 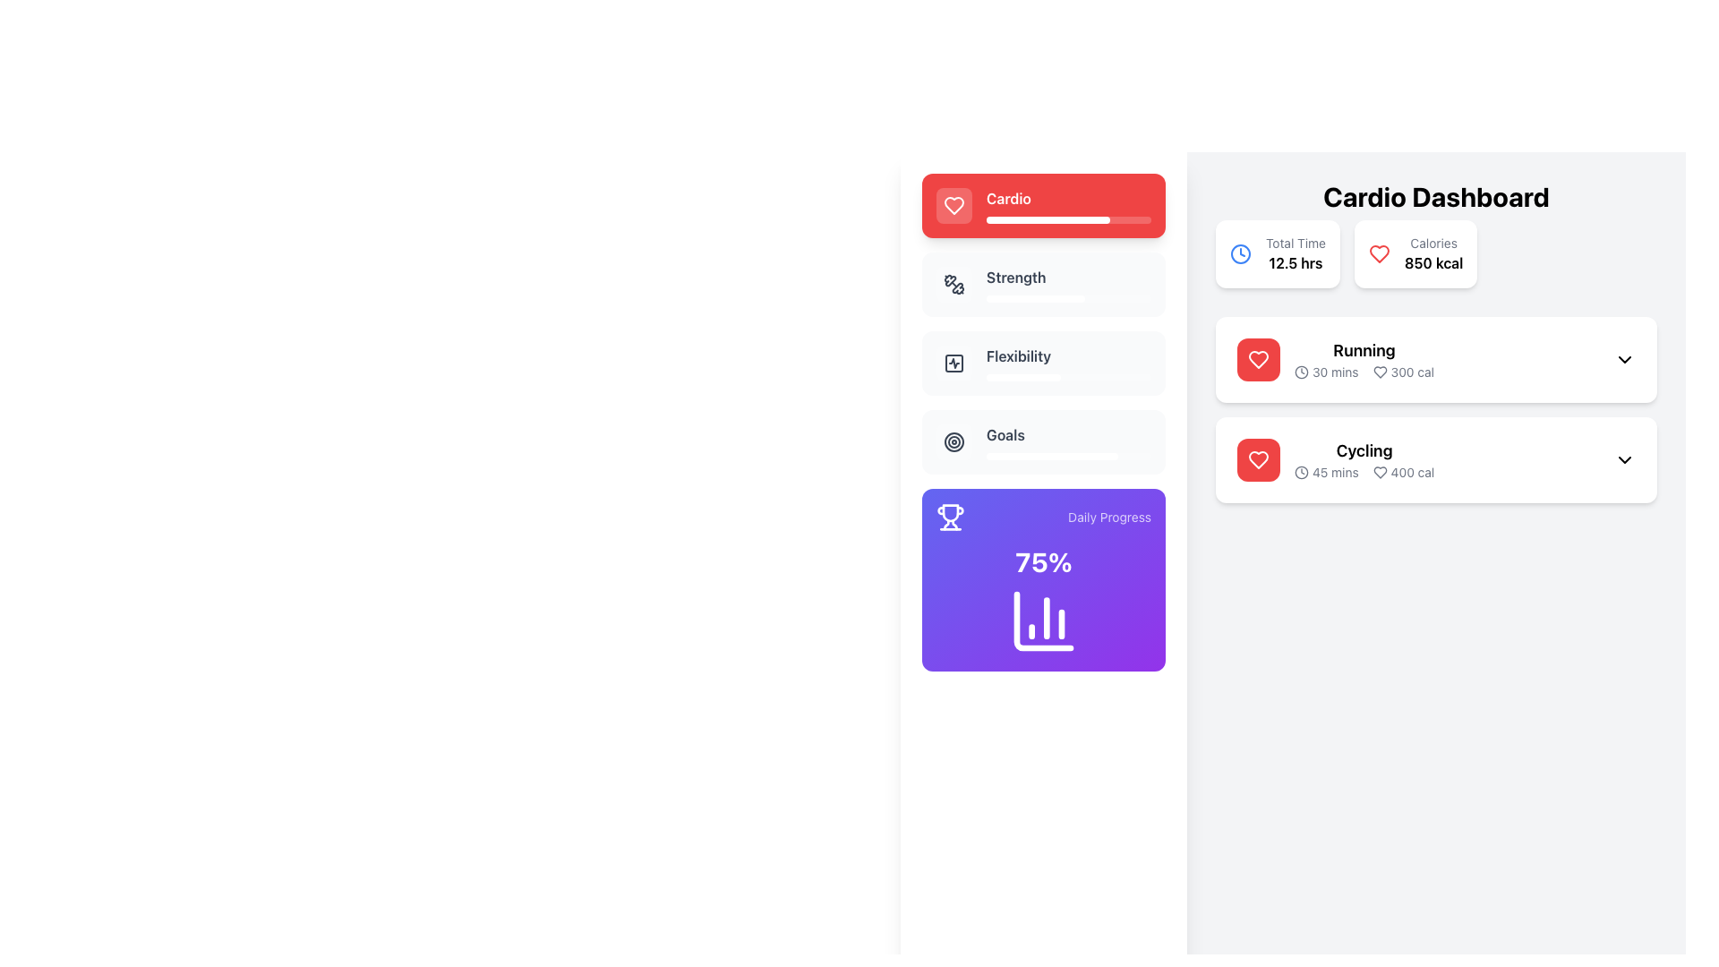 What do you see at coordinates (1044, 363) in the screenshot?
I see `the 'Flexibility' menu item located in the left-hand menu, positioned below 'Cardio' and above 'Goals'` at bounding box center [1044, 363].